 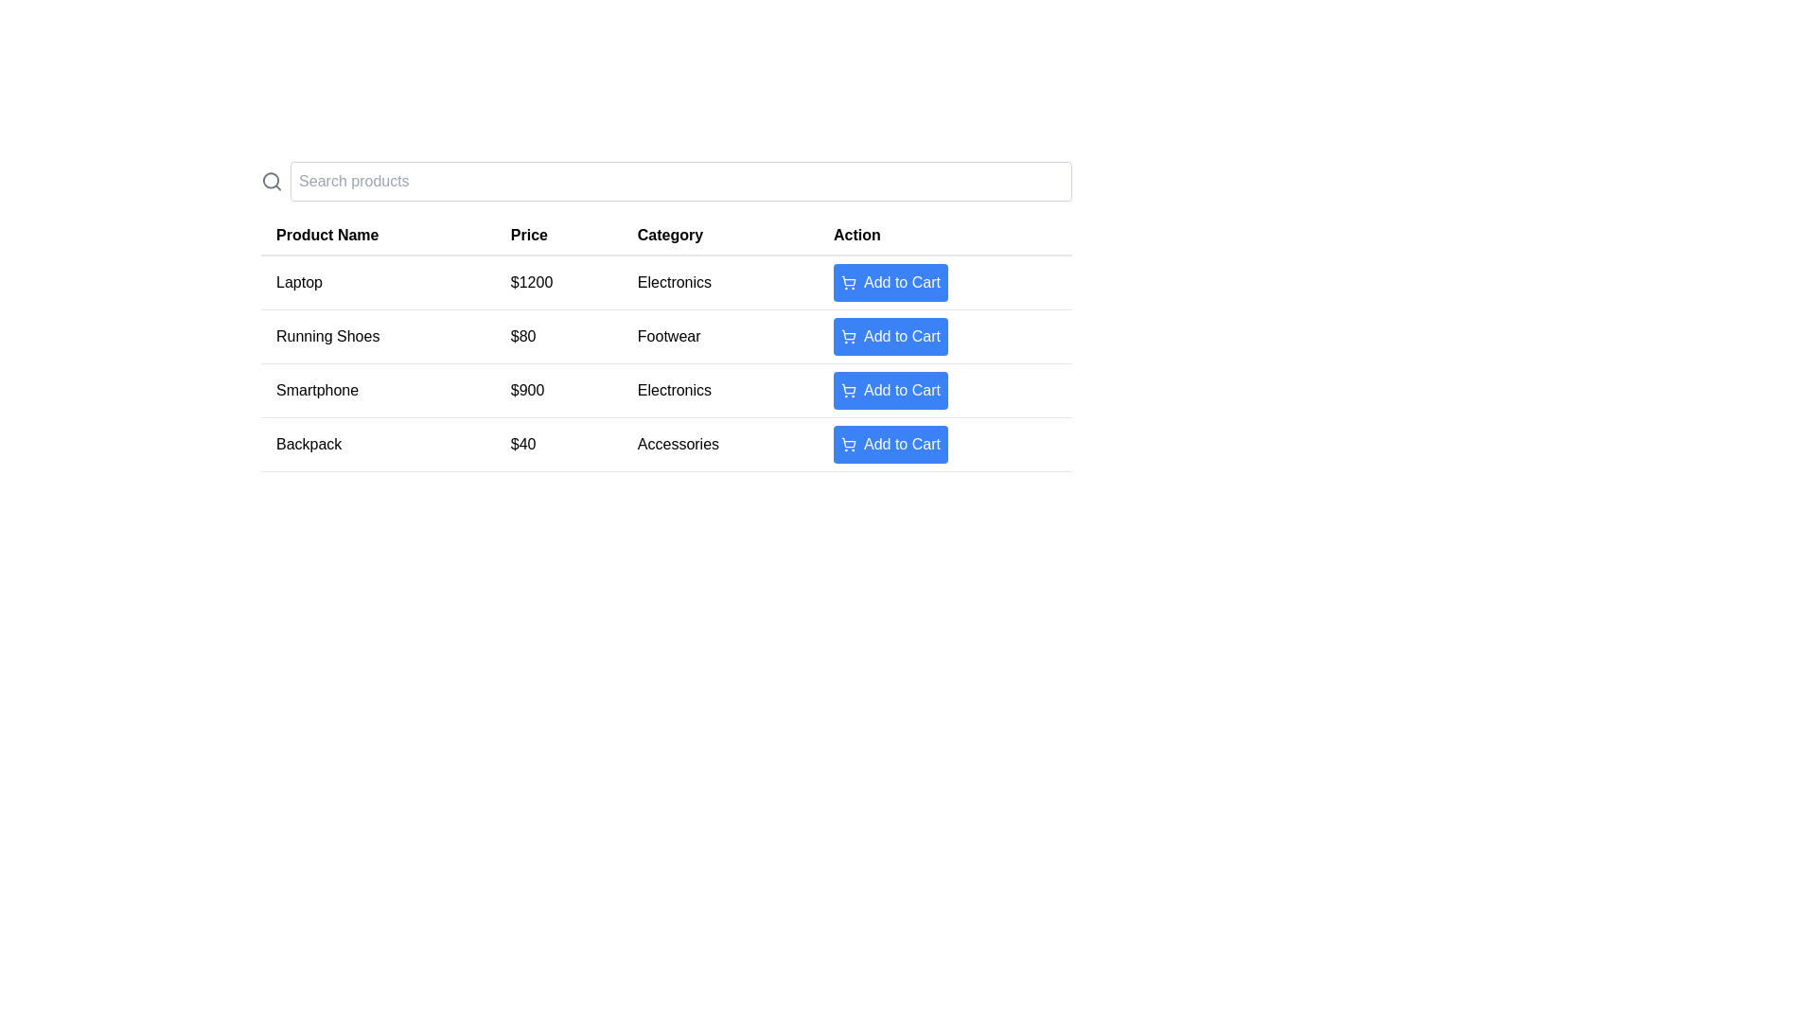 I want to click on the 'Add to Cart' button for the 'Backpack' product, which is located within the product entry row and is positioned to the right of a shopping cart icon, so click(x=901, y=445).